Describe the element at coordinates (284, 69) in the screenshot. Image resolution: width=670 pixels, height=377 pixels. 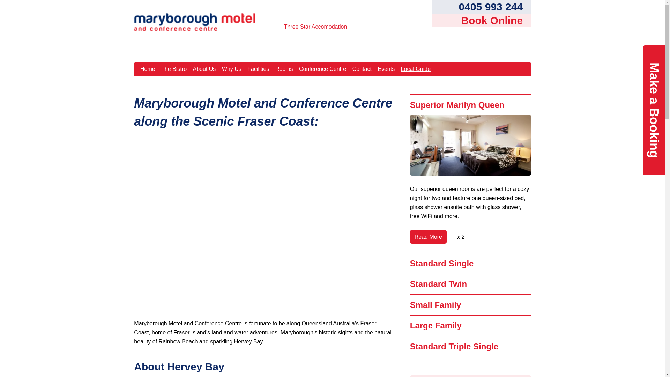
I see `'Rooms'` at that location.